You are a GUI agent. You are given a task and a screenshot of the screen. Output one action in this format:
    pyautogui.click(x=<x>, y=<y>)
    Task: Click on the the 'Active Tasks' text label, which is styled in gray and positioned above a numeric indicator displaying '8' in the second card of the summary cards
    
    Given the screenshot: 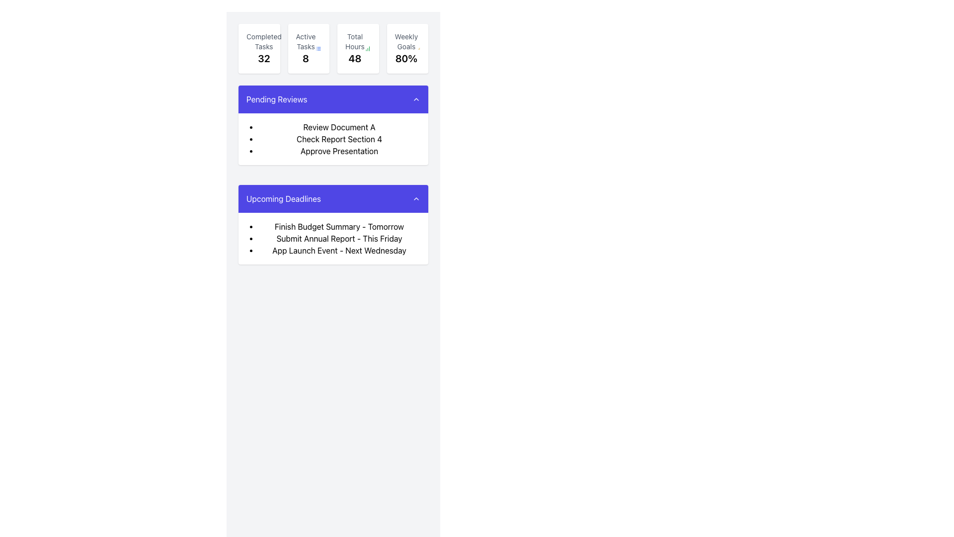 What is the action you would take?
    pyautogui.click(x=305, y=41)
    